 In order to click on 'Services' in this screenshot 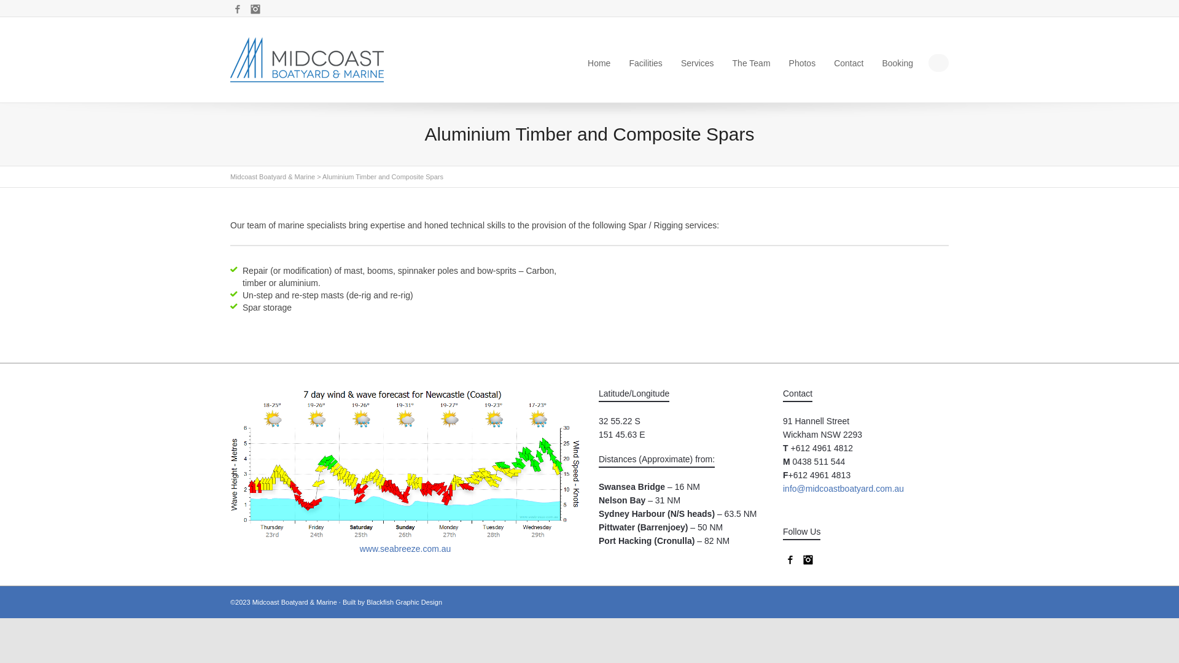, I will do `click(698, 63)`.